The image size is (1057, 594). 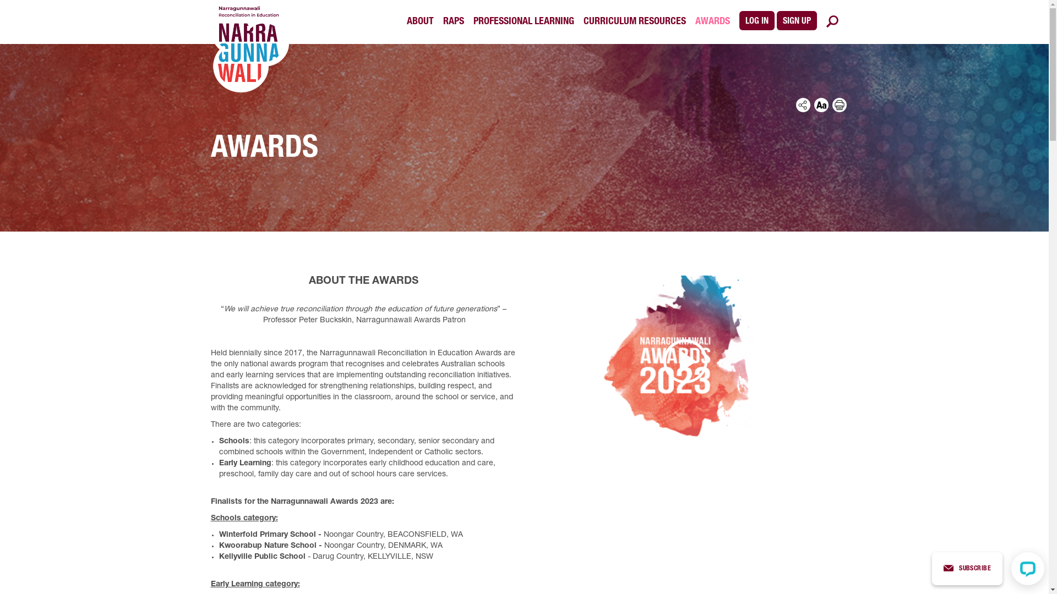 I want to click on 'RAPS', so click(x=453, y=21).